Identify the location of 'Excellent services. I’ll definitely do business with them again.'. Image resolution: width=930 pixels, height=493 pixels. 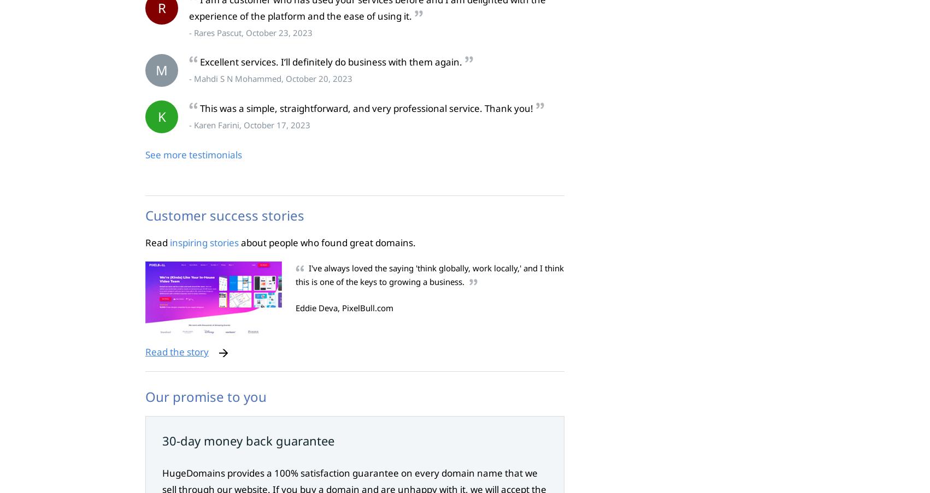
(199, 62).